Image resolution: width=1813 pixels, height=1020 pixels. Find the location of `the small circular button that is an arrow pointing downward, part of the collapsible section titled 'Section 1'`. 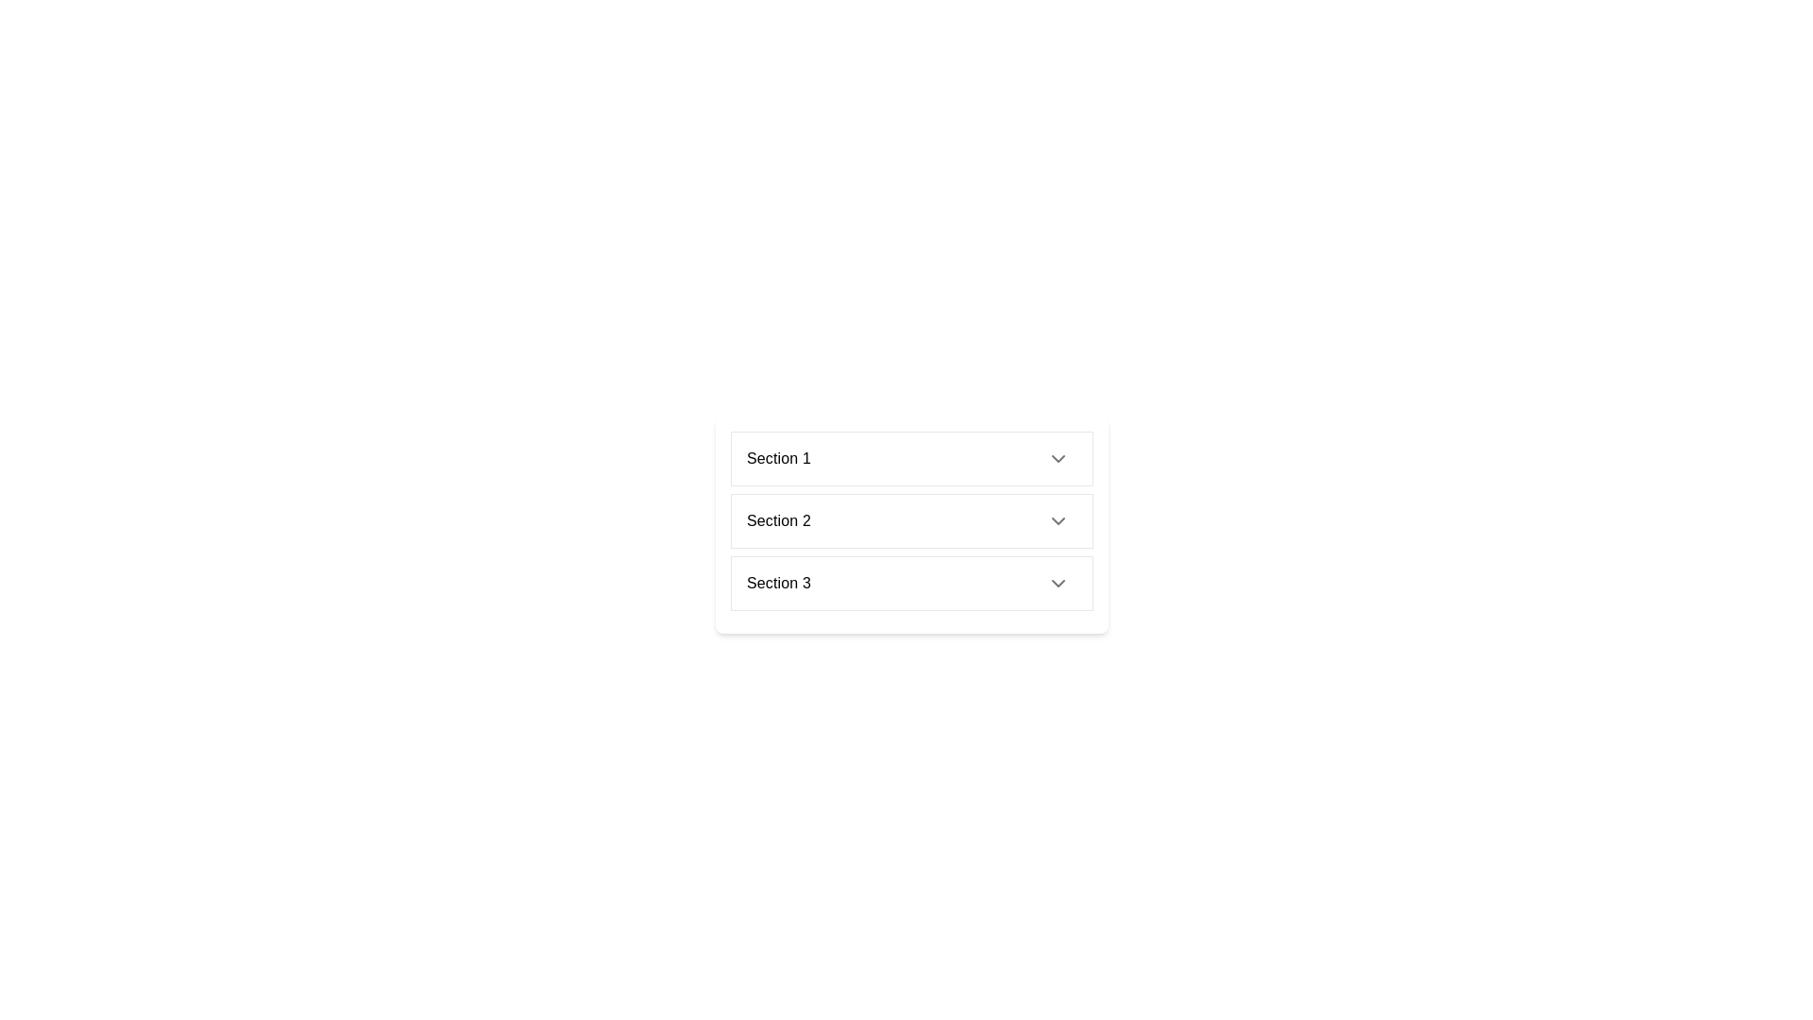

the small circular button that is an arrow pointing downward, part of the collapsible section titled 'Section 1' is located at coordinates (1059, 459).